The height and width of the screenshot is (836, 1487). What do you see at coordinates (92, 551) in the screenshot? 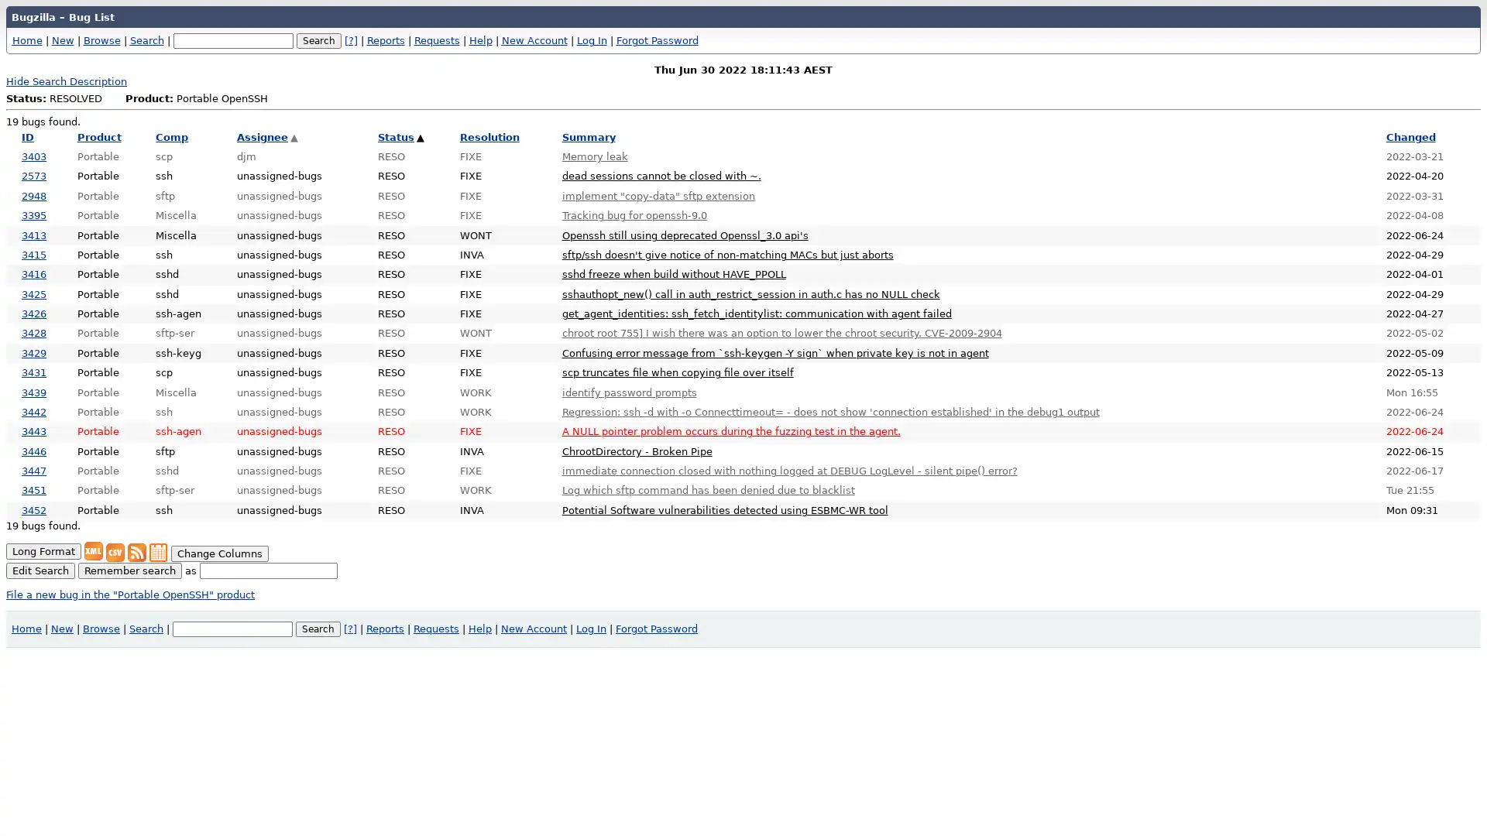
I see `XML` at bounding box center [92, 551].